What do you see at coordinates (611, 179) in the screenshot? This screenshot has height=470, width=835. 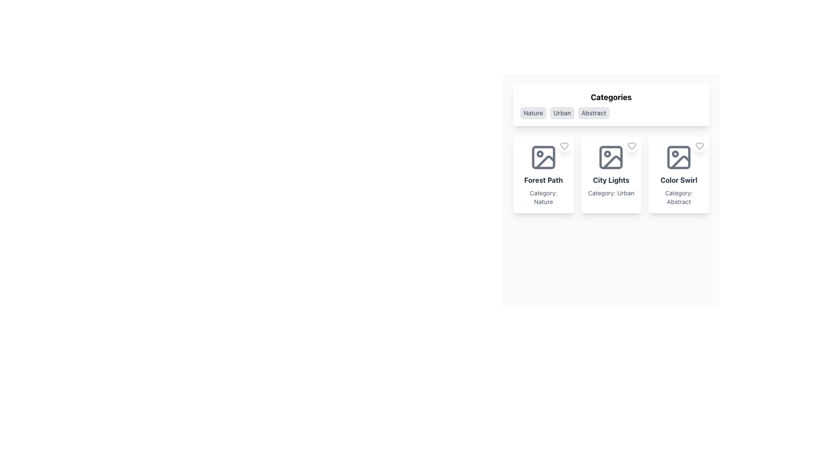 I see `the 'City Lights' text label in the second card under the 'Categories' heading` at bounding box center [611, 179].